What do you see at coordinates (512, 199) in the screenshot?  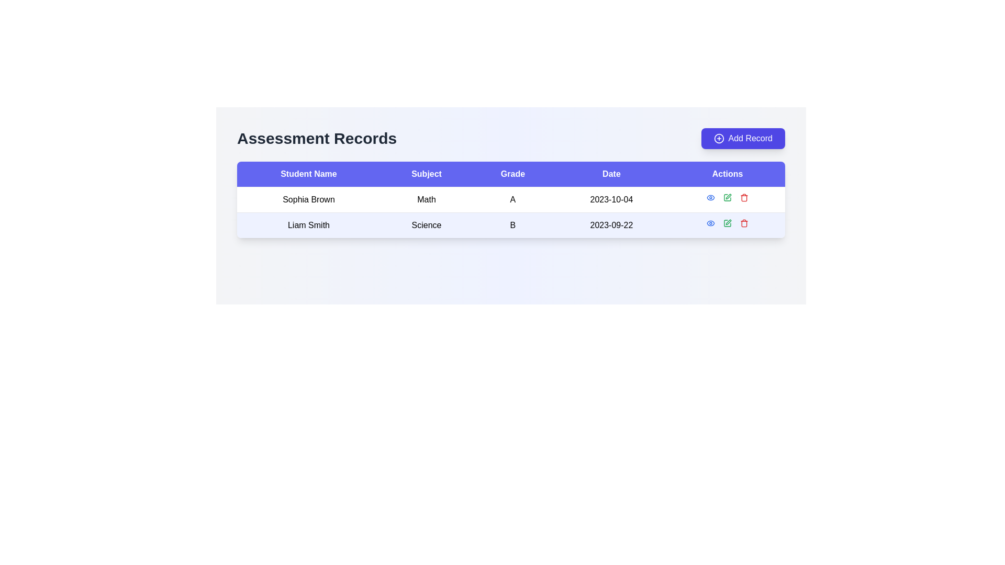 I see `the static text label 'A' in the Grade column of the assessment records table, which is located in the first row of data entries` at bounding box center [512, 199].